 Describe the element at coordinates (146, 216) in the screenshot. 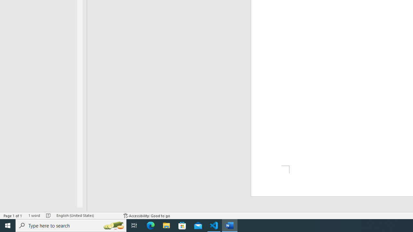

I see `'Accessibility Checker Accessibility: Good to go'` at that location.